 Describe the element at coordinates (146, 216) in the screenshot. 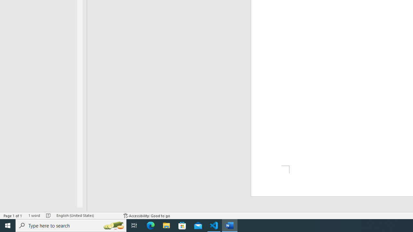

I see `'Accessibility Checker Accessibility: Good to go'` at that location.